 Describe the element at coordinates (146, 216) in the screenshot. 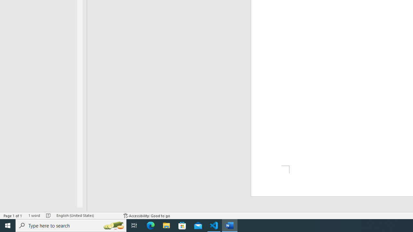

I see `'Accessibility Checker Accessibility: Good to go'` at that location.